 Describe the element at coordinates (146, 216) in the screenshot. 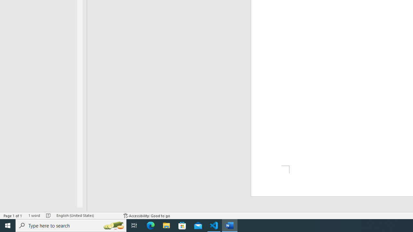

I see `'Accessibility Checker Accessibility: Good to go'` at that location.